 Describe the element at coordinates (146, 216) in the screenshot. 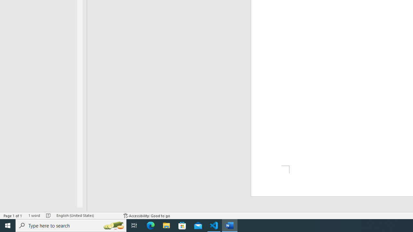

I see `'Accessibility Checker Accessibility: Good to go'` at that location.